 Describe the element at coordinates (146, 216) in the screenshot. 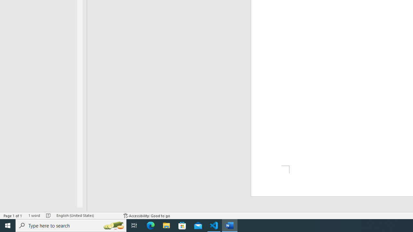

I see `'Accessibility Checker Accessibility: Good to go'` at that location.